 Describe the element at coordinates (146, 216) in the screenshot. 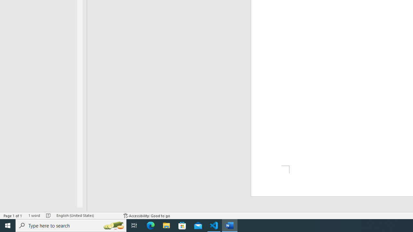

I see `'Accessibility Checker Accessibility: Good to go'` at that location.